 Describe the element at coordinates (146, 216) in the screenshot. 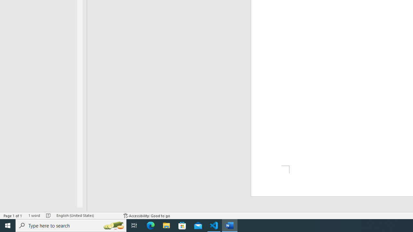

I see `'Accessibility Checker Accessibility: Good to go'` at that location.